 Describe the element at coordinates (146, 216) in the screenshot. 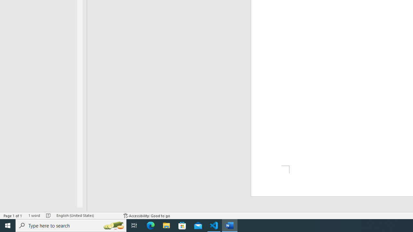

I see `'Accessibility Checker Accessibility: Good to go'` at that location.